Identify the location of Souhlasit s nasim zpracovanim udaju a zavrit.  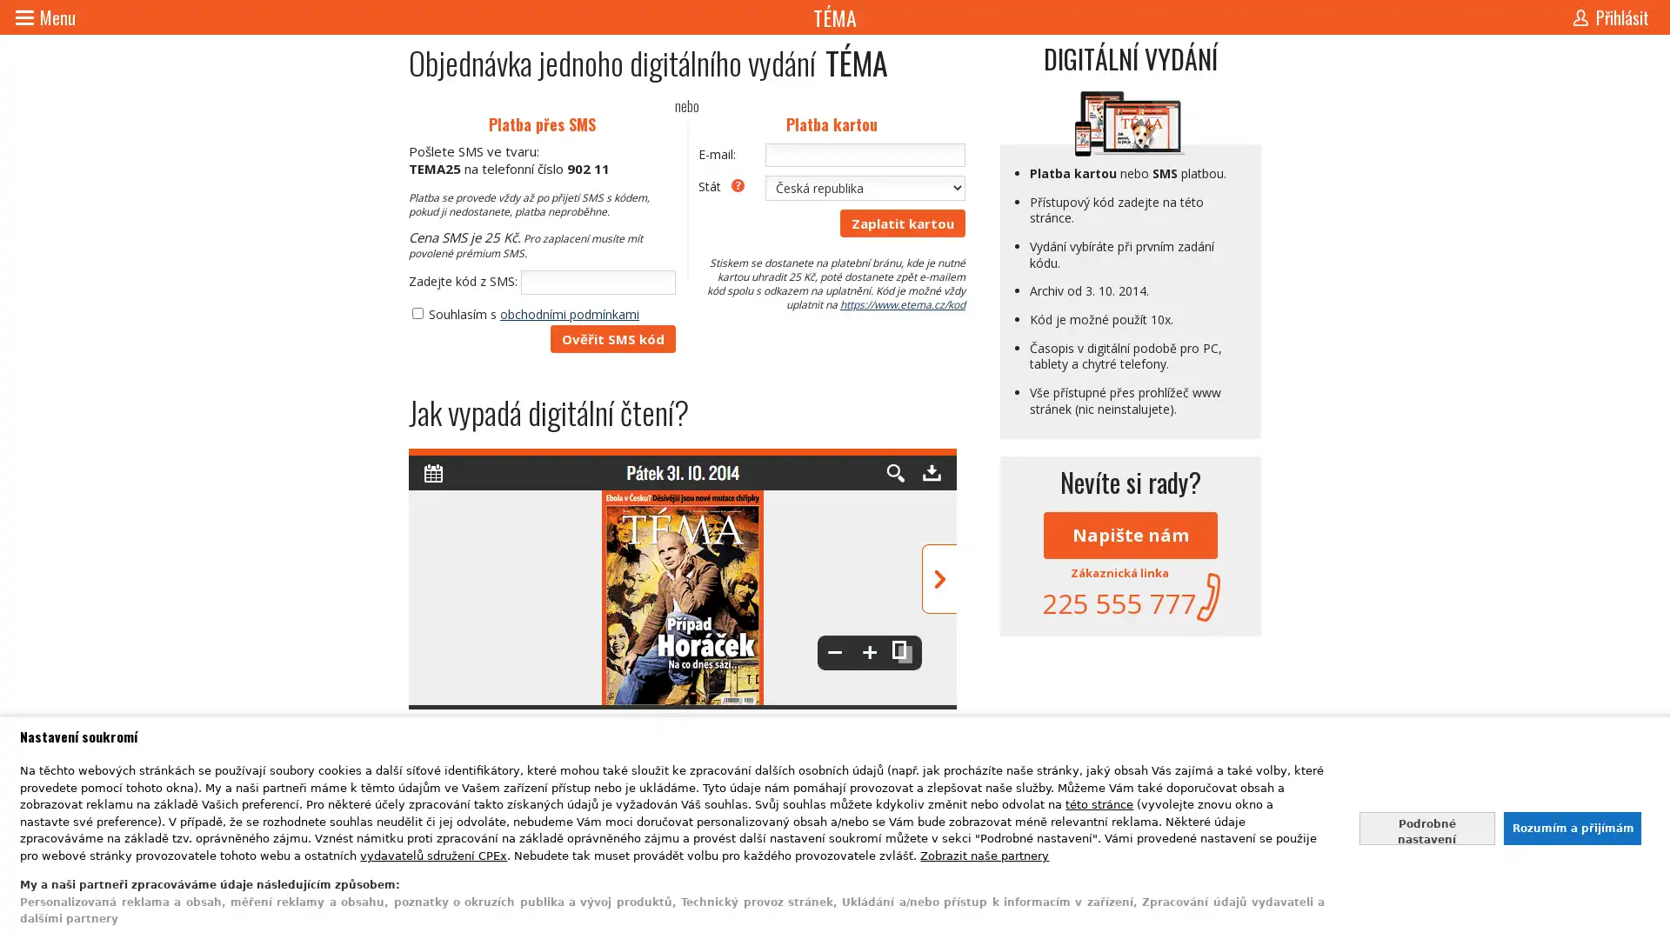
(1571, 827).